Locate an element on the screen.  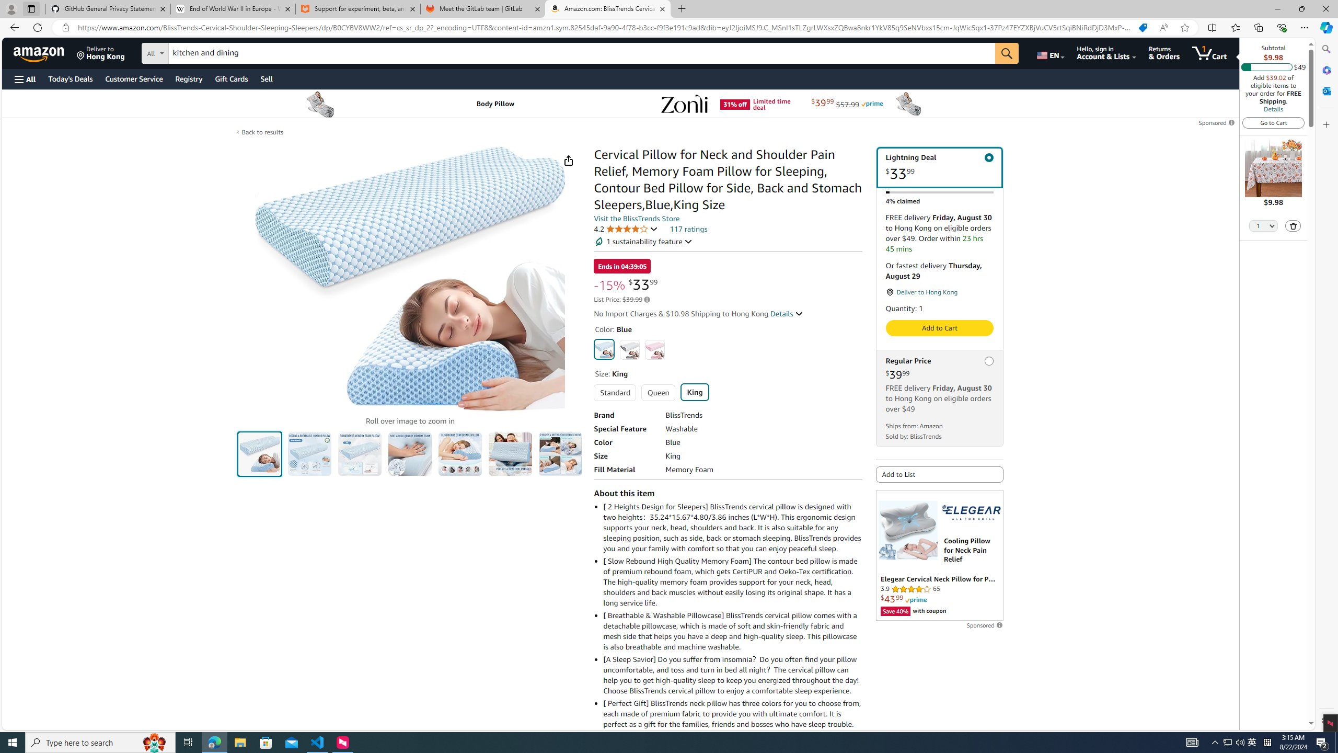
'Lightning Deal $33.99' is located at coordinates (939, 167).